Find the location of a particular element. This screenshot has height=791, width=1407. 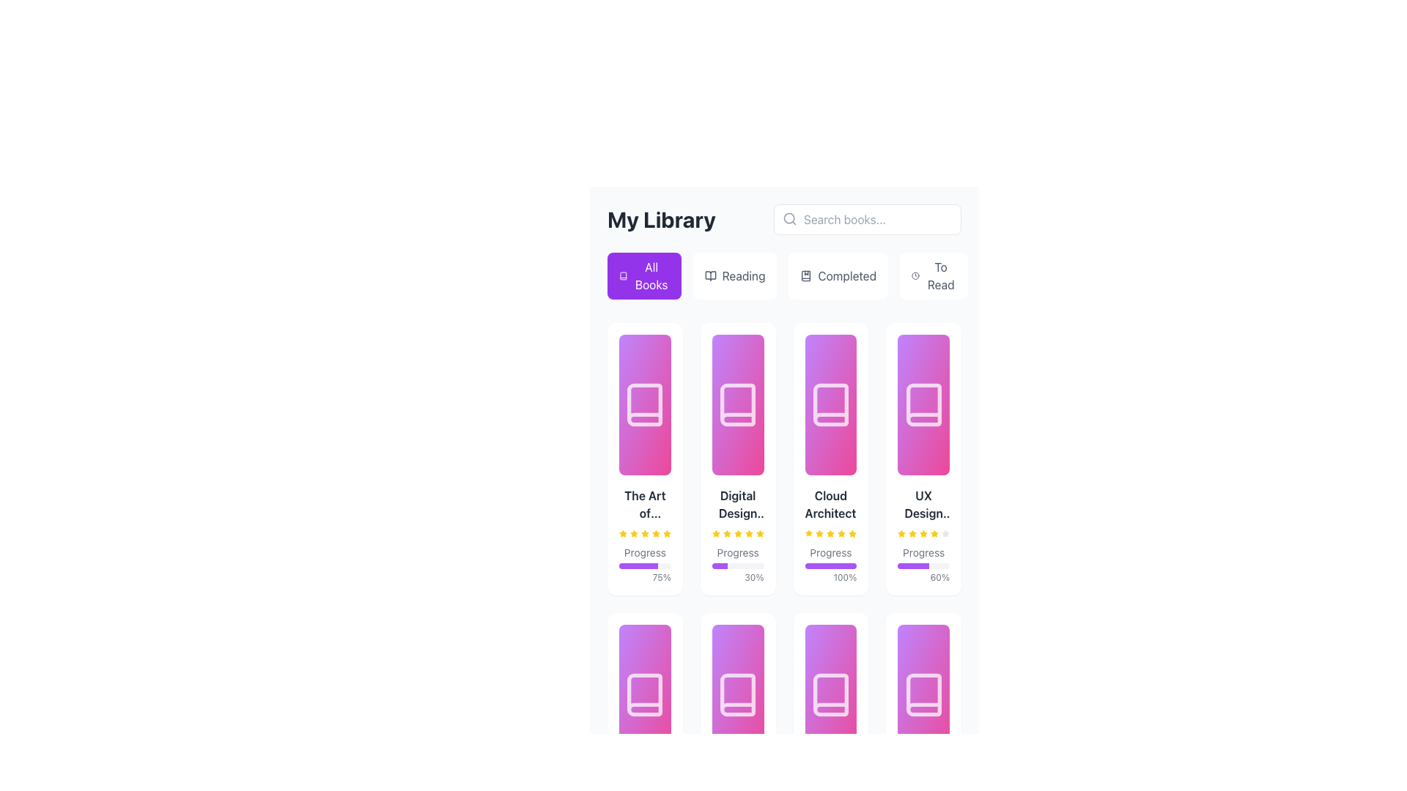

the third star icon in the rating component, which is yellow and located under the 'Digital Design Principles' text label is located at coordinates (738, 534).